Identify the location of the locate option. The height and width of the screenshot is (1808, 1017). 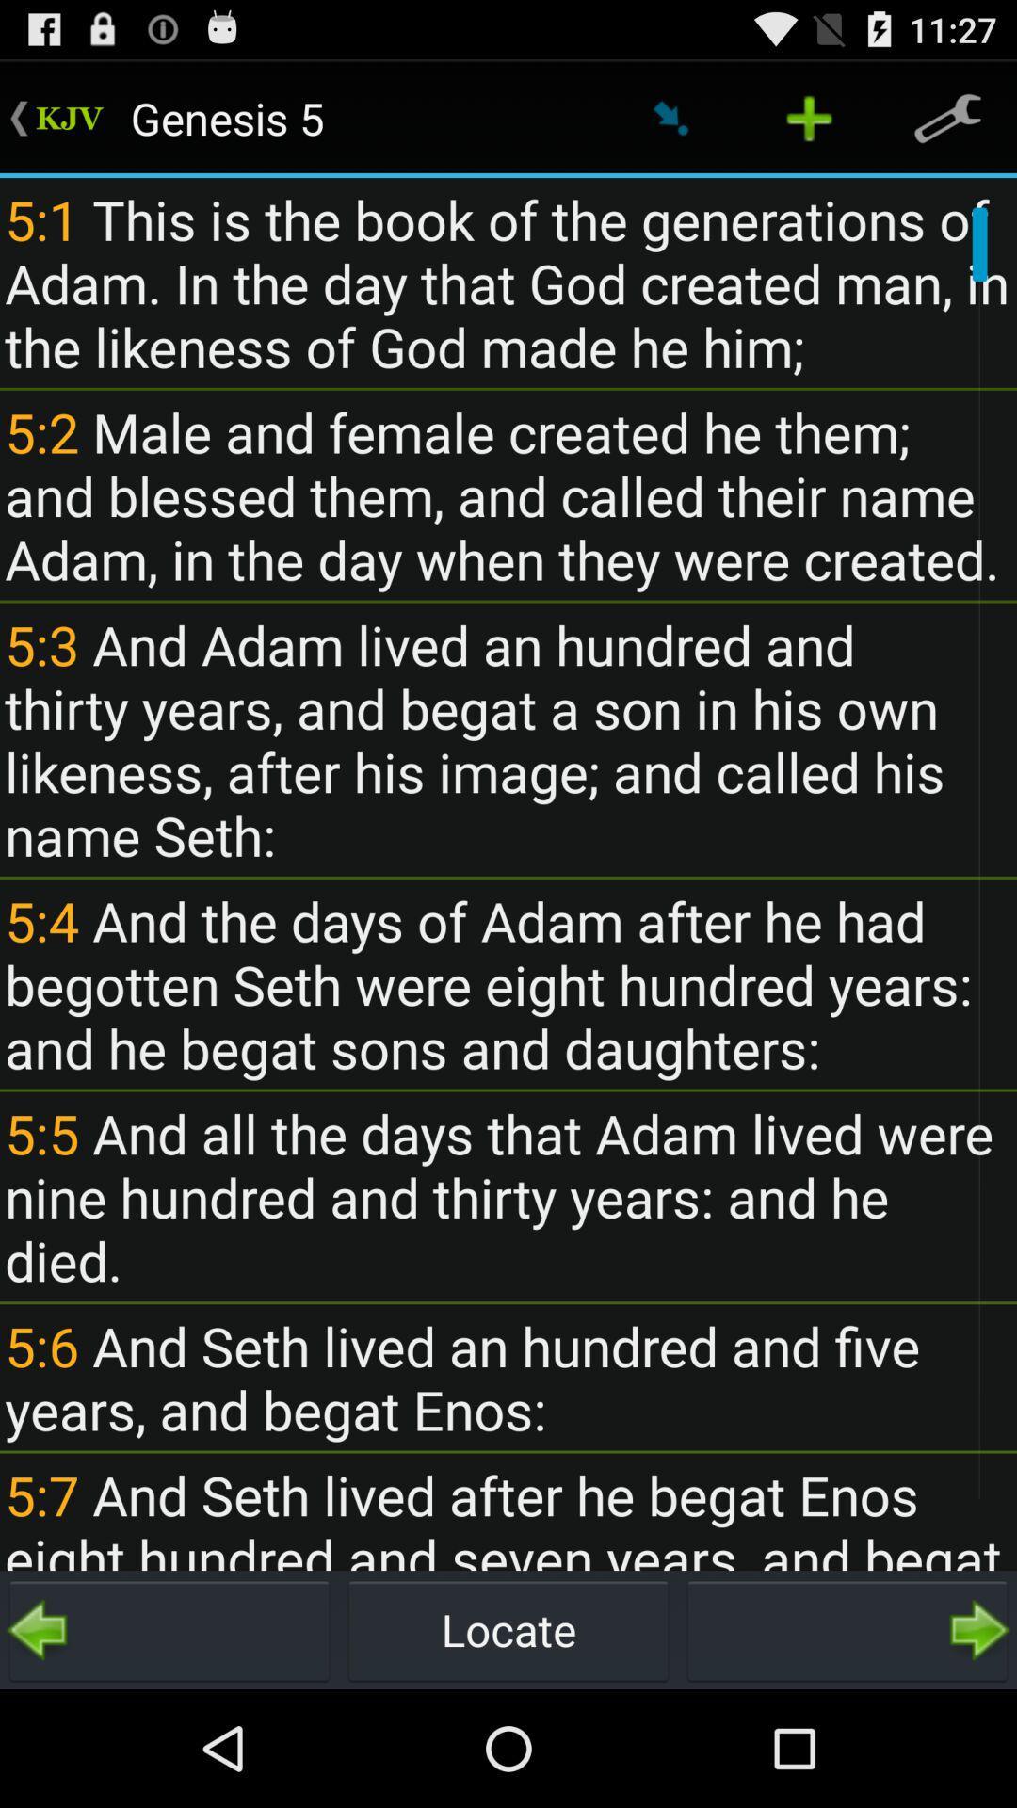
(508, 1629).